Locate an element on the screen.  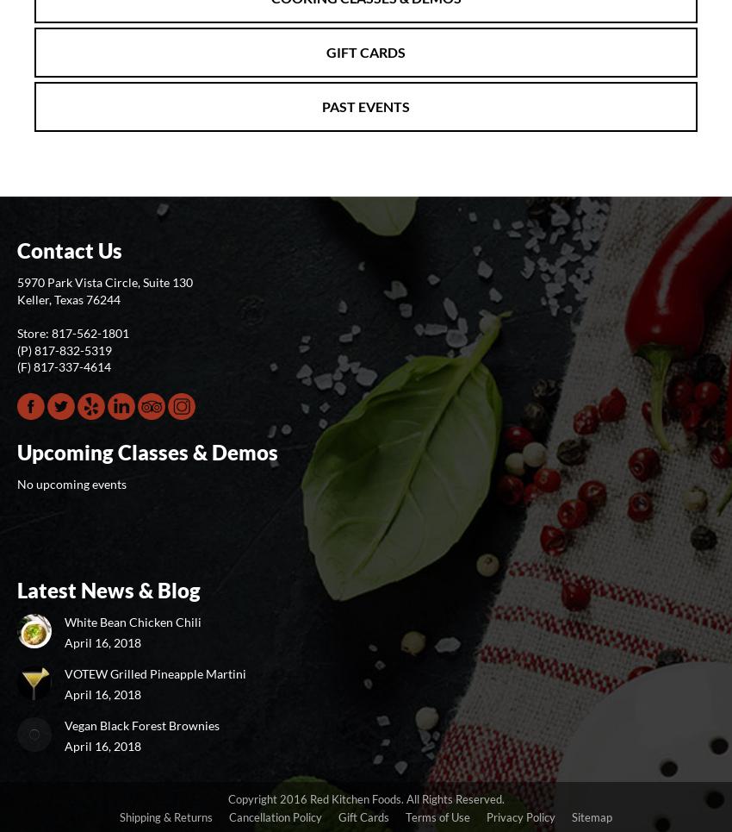
'(P) 817-832-5319' is located at coordinates (64, 348).